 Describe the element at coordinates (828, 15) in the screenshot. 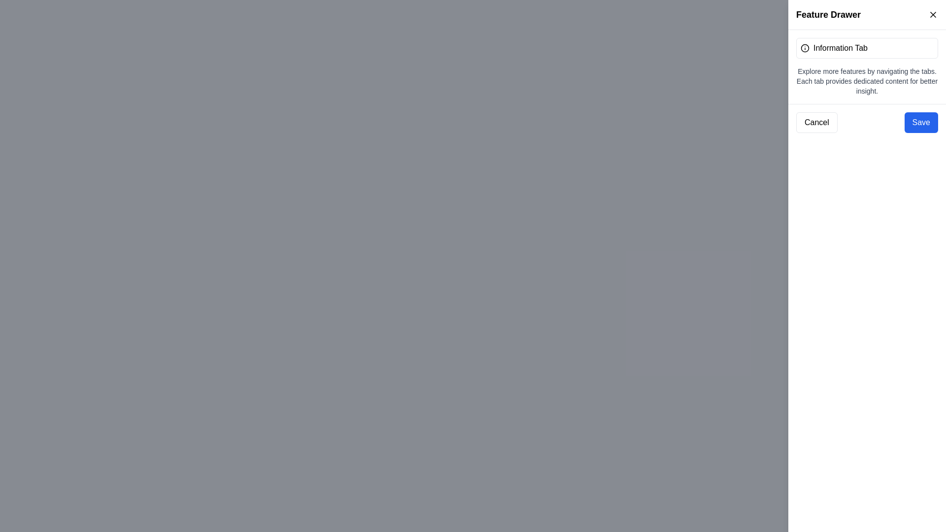

I see `title text located in the header section of the sidebar, which serves as a context or identifier for the user` at that location.